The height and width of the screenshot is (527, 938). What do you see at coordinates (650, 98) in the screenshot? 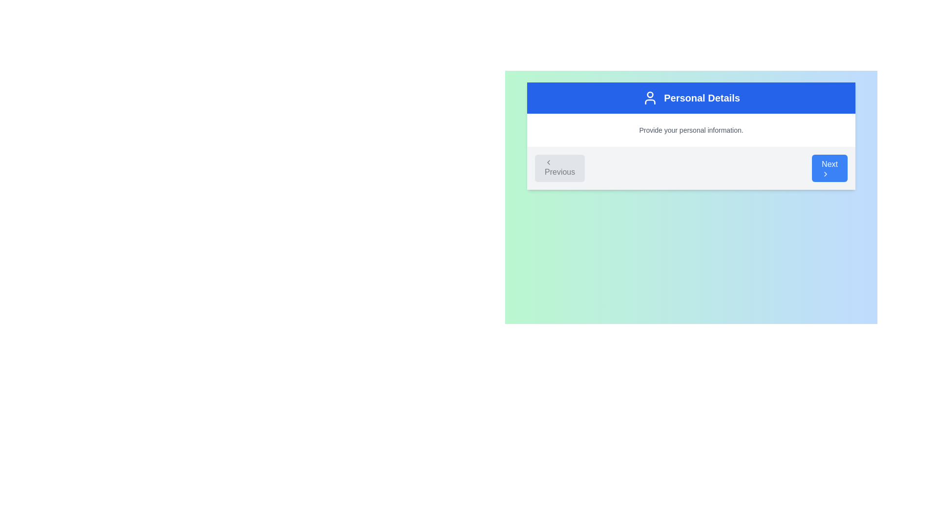
I see `the user silhouette icon located next to the 'Personal Details' text in the blue header bar` at bounding box center [650, 98].